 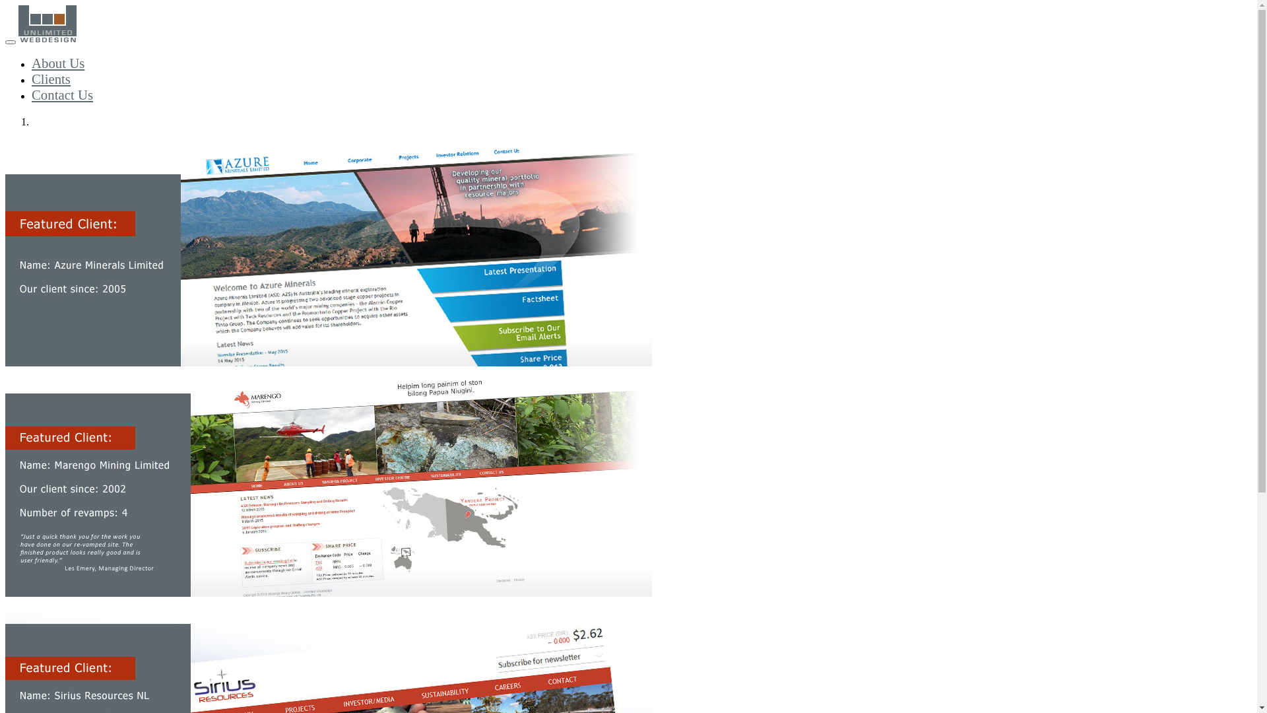 What do you see at coordinates (61, 94) in the screenshot?
I see `'Contact Us'` at bounding box center [61, 94].